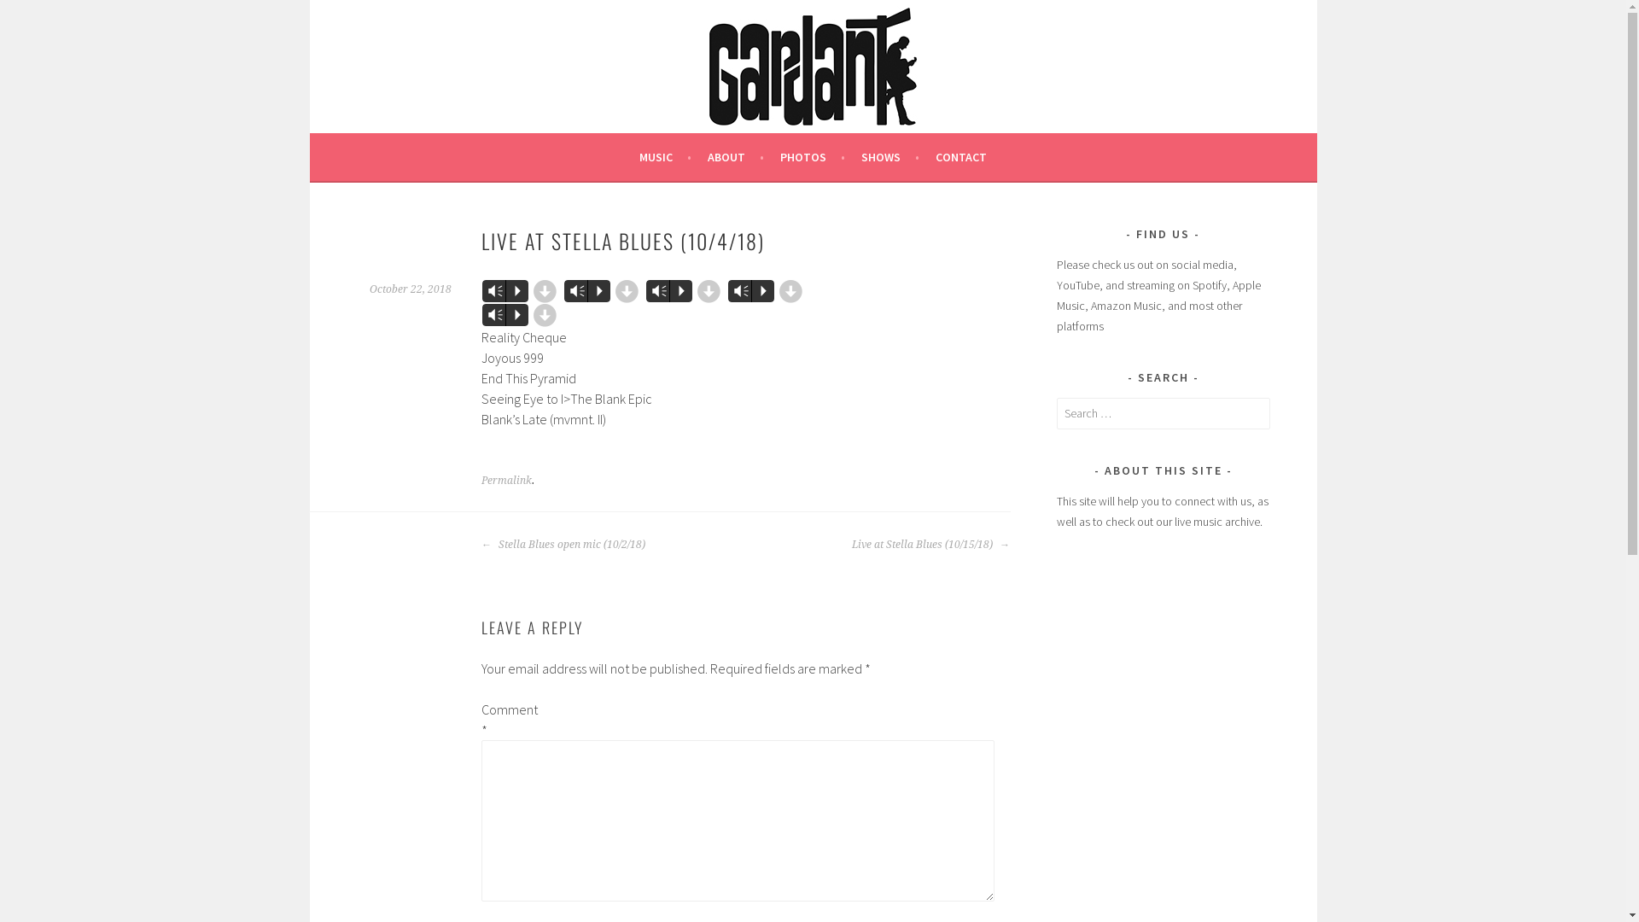  What do you see at coordinates (626, 289) in the screenshot?
I see `'d'` at bounding box center [626, 289].